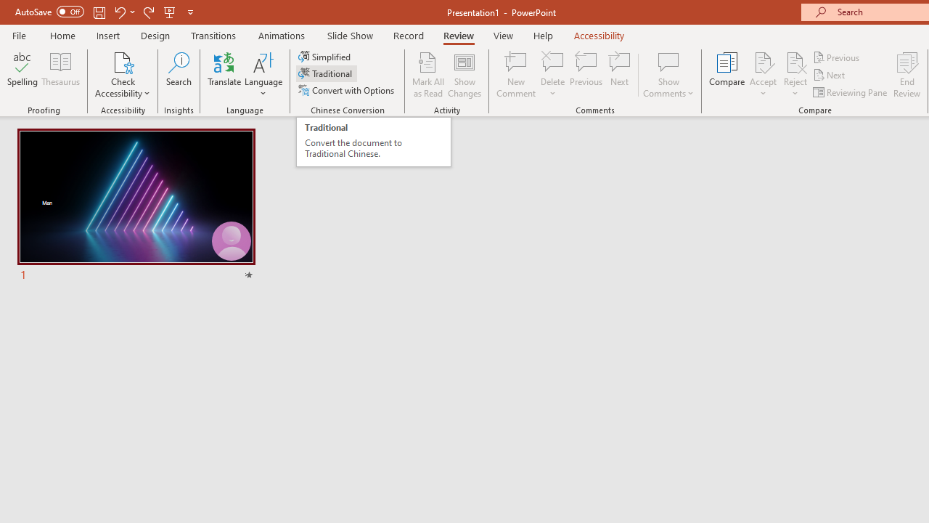 The image size is (929, 523). I want to click on 'Delete', so click(552, 61).